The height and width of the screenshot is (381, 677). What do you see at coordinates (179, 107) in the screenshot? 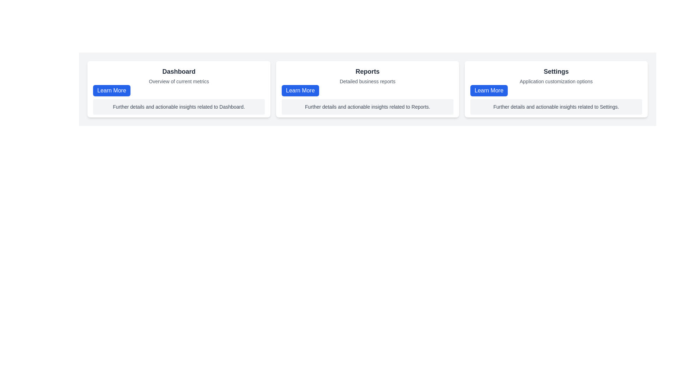
I see `the text label located centrally in the lower portion of the white card layout under the heading 'Dashboard' and above the 'Learn More' button` at bounding box center [179, 107].